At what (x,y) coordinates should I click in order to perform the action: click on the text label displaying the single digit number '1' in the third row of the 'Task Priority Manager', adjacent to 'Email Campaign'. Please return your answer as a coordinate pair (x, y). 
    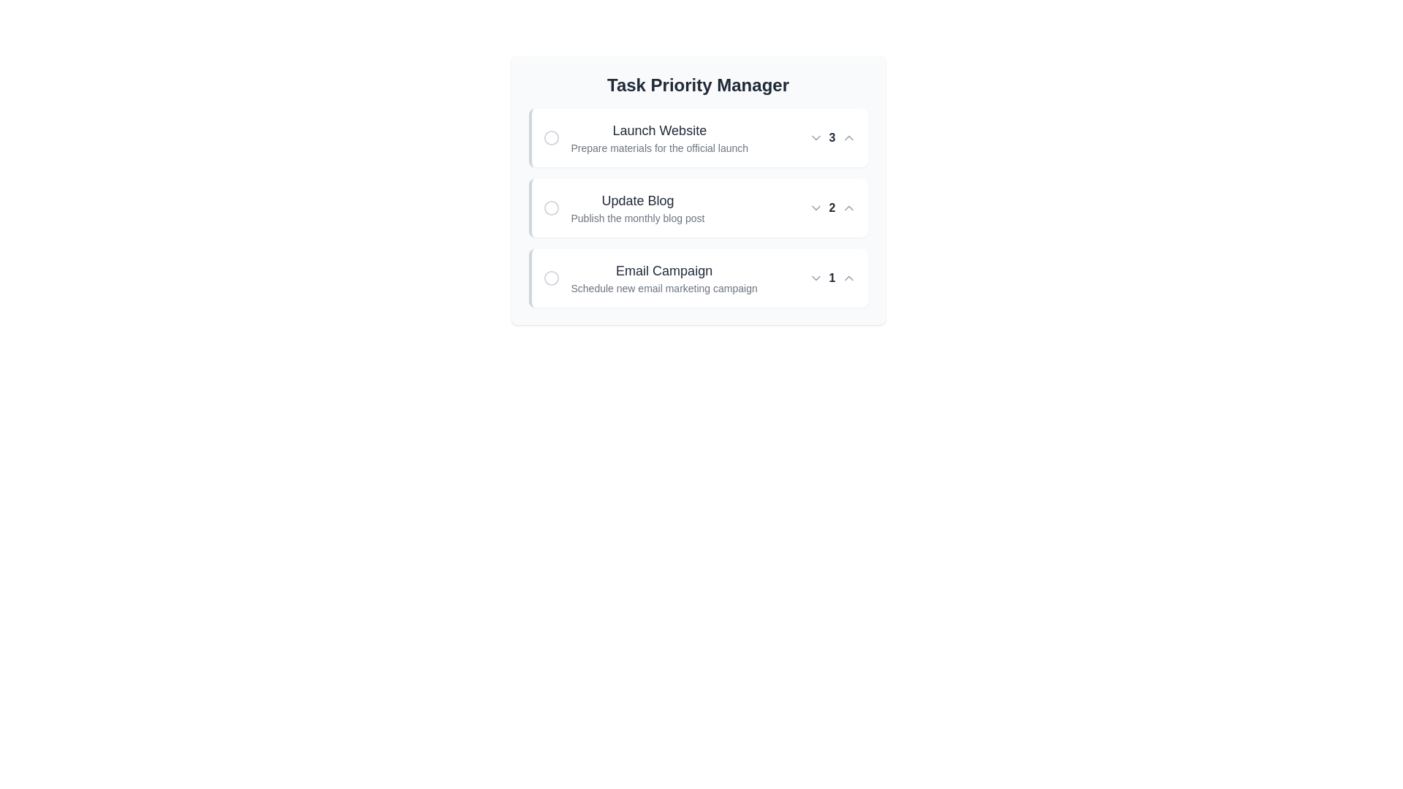
    Looking at the image, I should click on (832, 278).